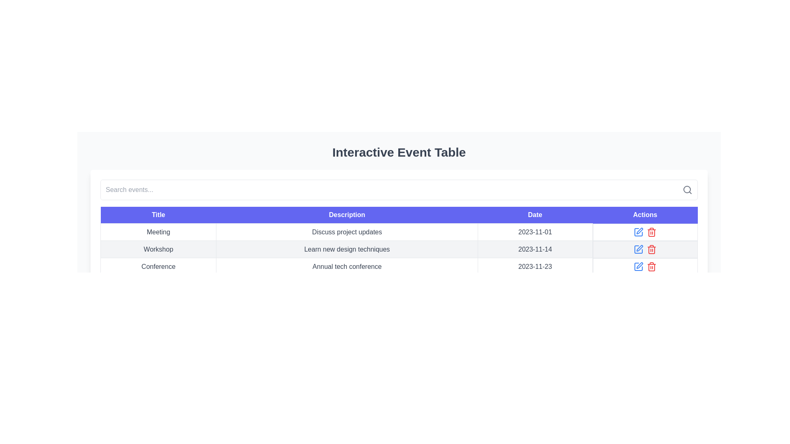 Image resolution: width=790 pixels, height=444 pixels. I want to click on the third row of the table displaying the 'Annual tech conference' event details, so click(399, 266).